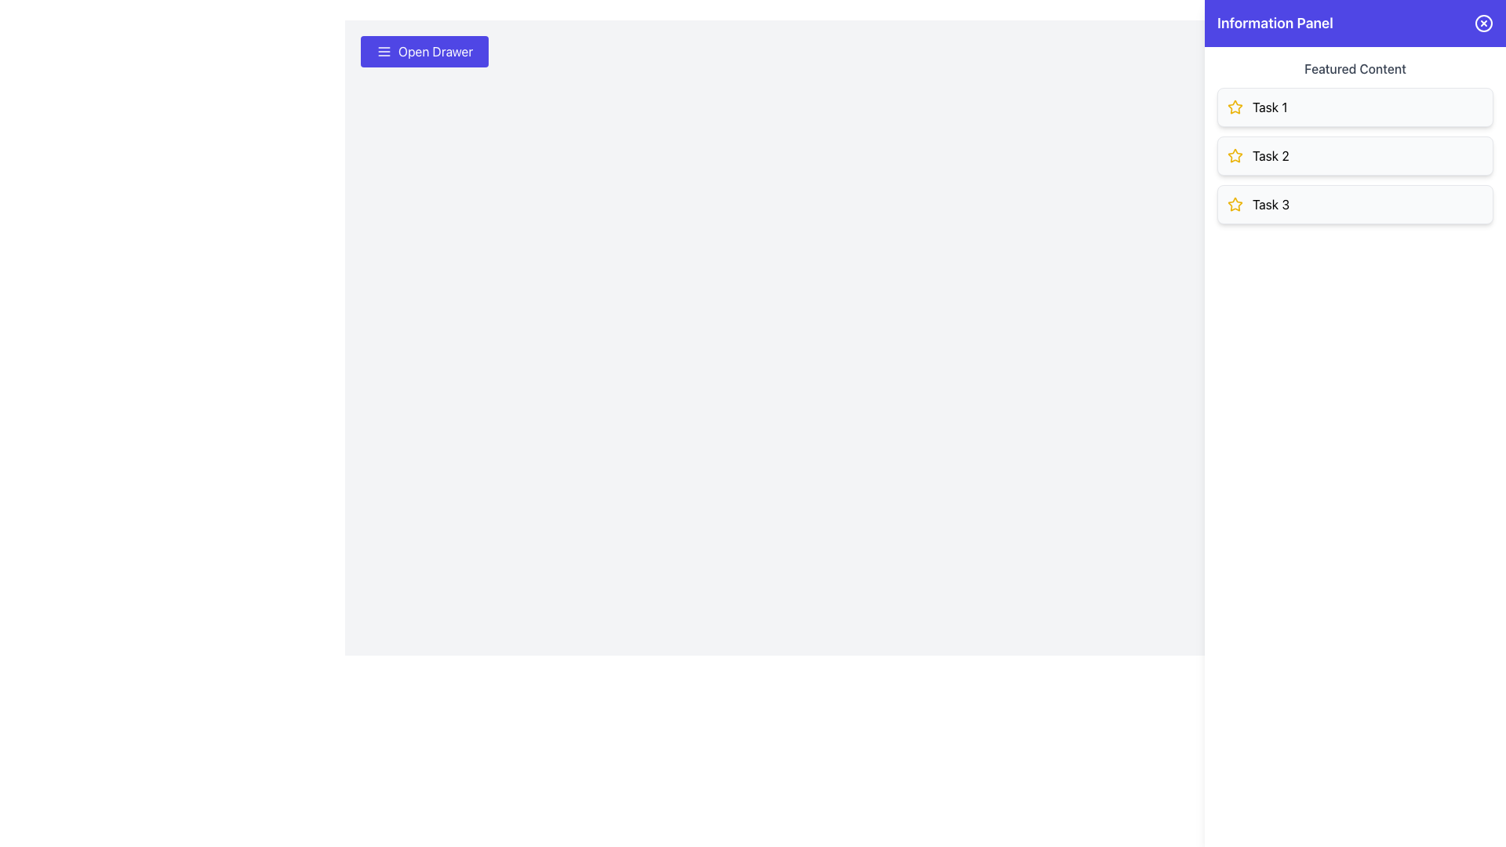 The image size is (1506, 847). I want to click on the menu icon located to the left of the 'Open Drawer' button to trigger a tooltip or highlight effect, so click(384, 50).